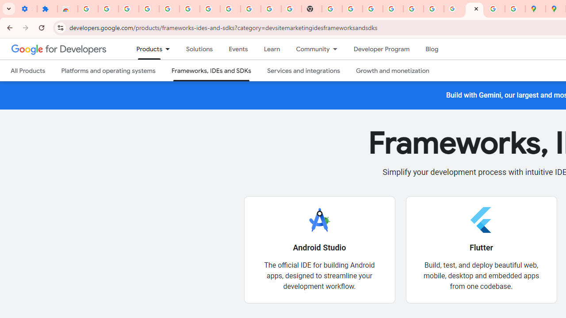 The height and width of the screenshot is (318, 566). I want to click on 'Frameworks, IDEs and SDKs - Google for Developers', so click(474, 9).